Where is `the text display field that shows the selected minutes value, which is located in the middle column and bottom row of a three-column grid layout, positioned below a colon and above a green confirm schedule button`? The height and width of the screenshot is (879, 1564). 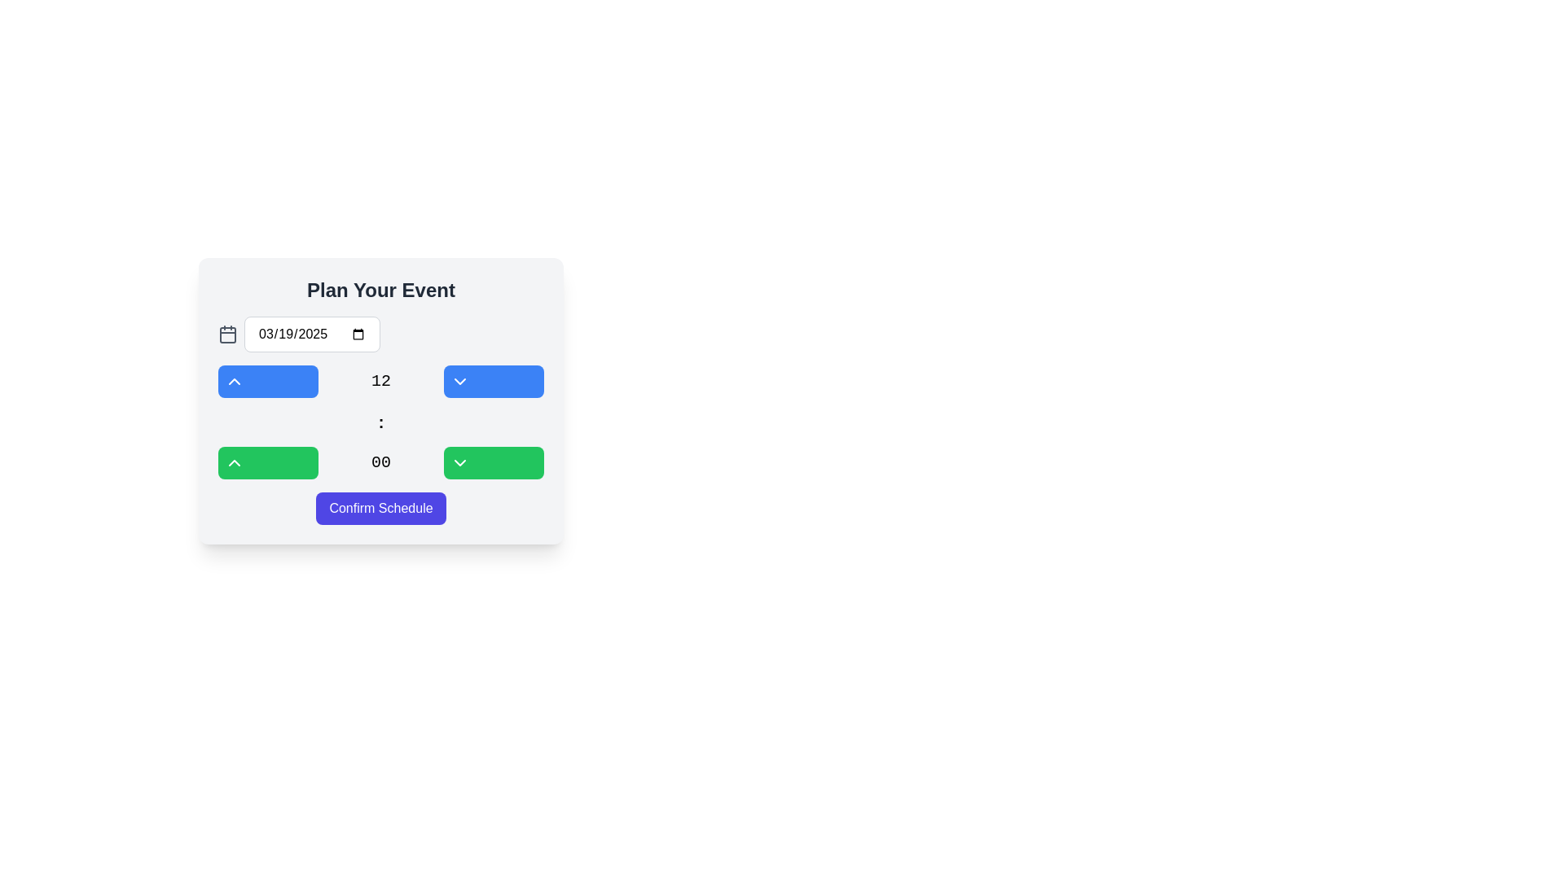
the text display field that shows the selected minutes value, which is located in the middle column and bottom row of a three-column grid layout, positioned below a colon and above a green confirm schedule button is located at coordinates (380, 463).